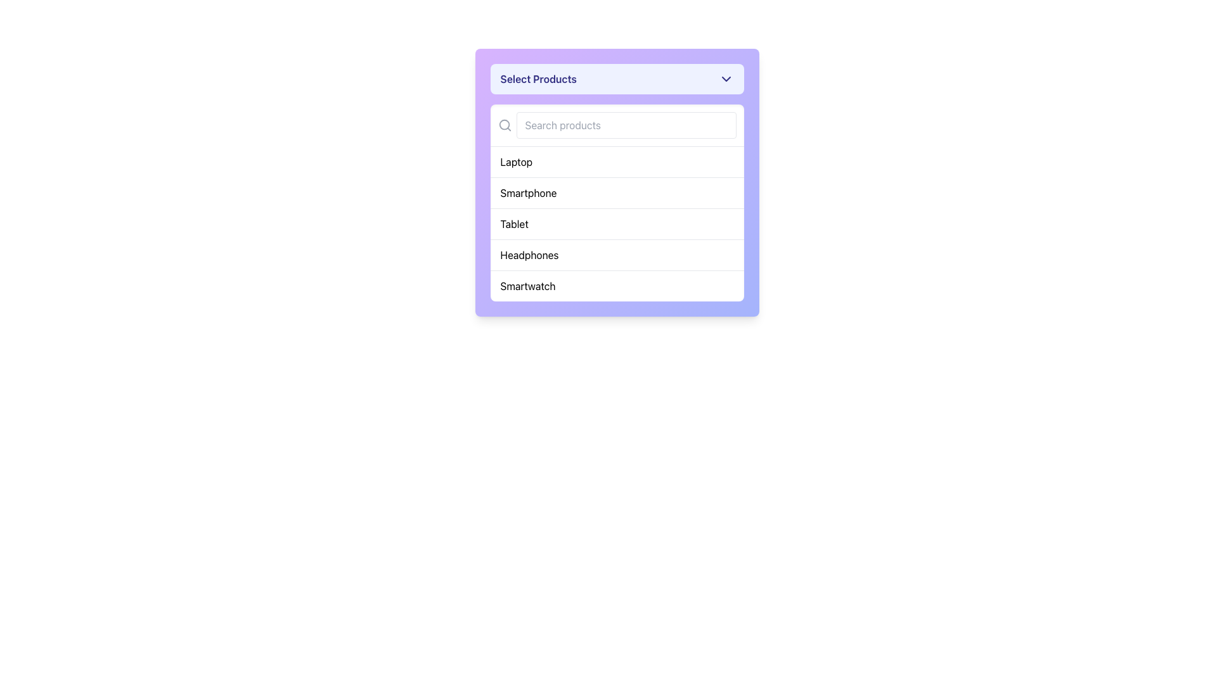  I want to click on the search input field located below the title 'Select Products' to focus on it, so click(626, 125).